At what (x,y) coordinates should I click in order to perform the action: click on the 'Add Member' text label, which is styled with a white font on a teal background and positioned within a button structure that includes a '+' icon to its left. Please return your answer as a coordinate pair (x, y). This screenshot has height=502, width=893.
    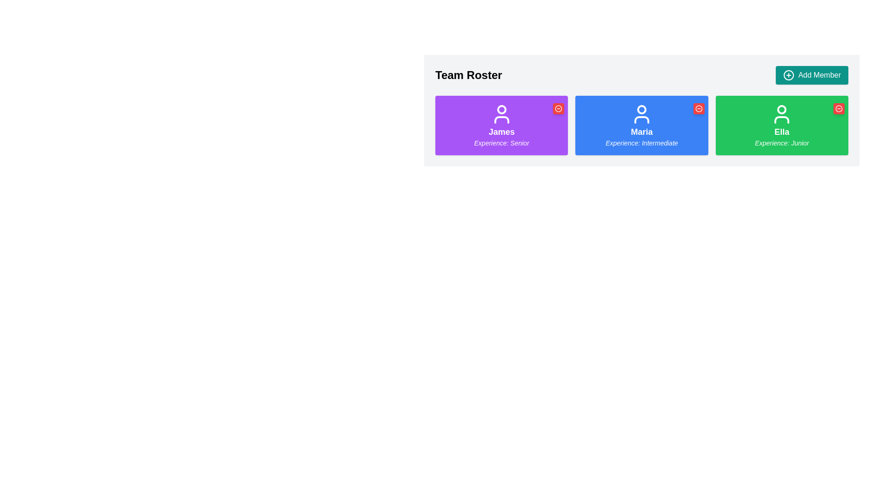
    Looking at the image, I should click on (820, 75).